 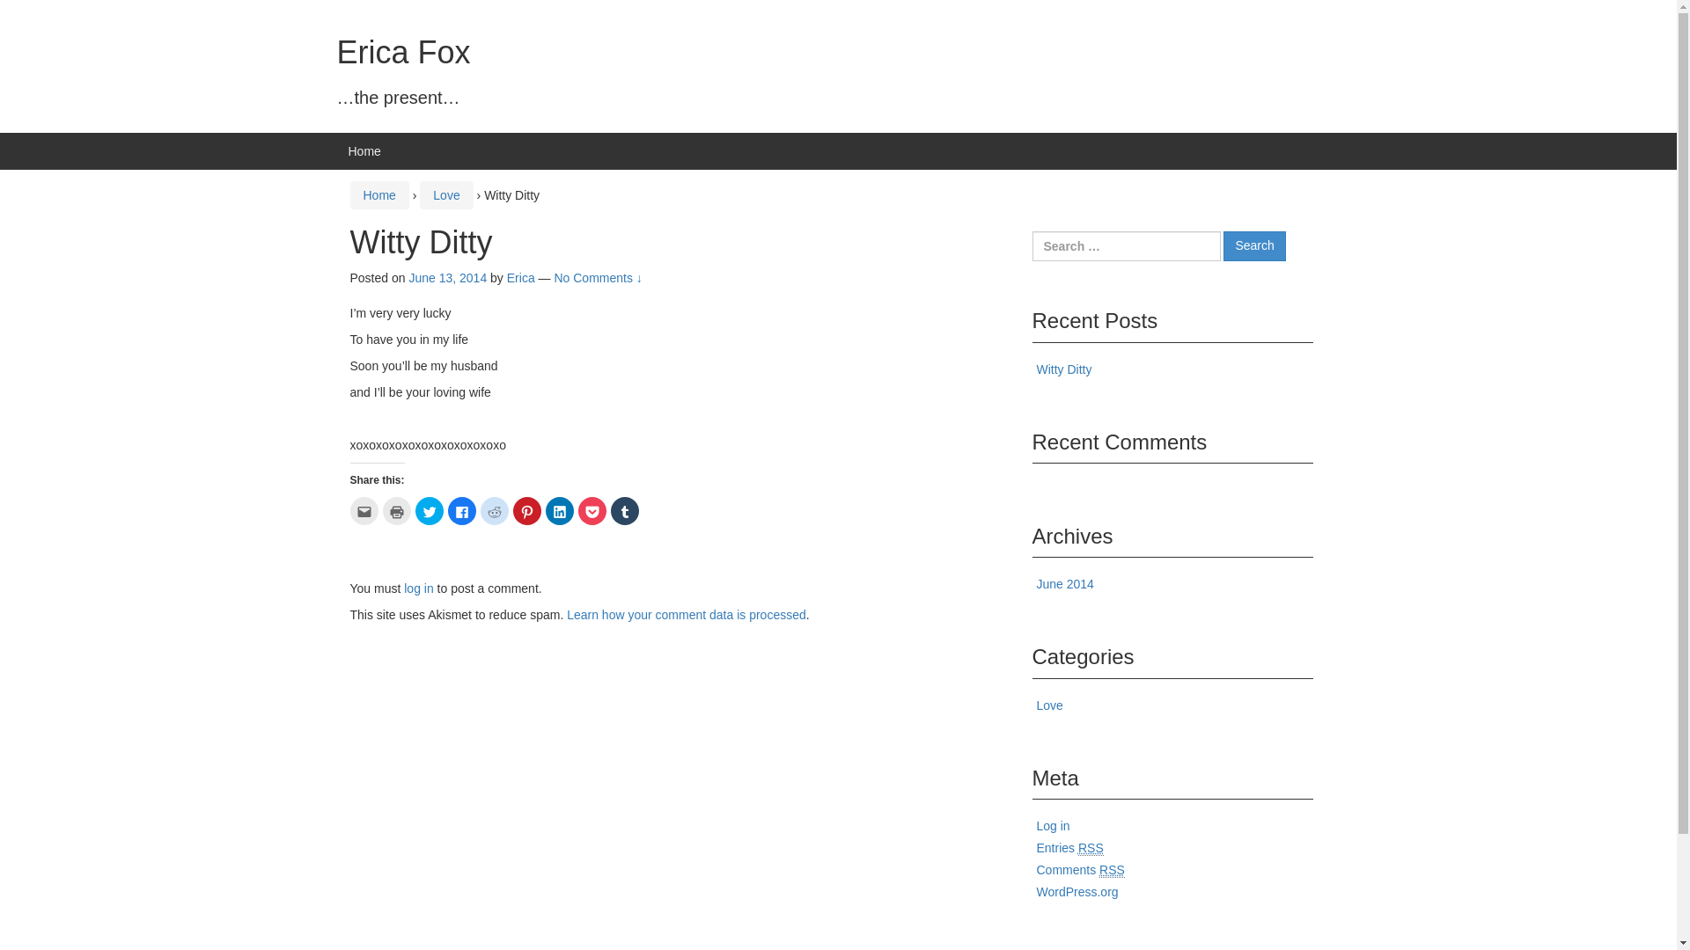 I want to click on 'June 13, 2014', so click(x=408, y=277).